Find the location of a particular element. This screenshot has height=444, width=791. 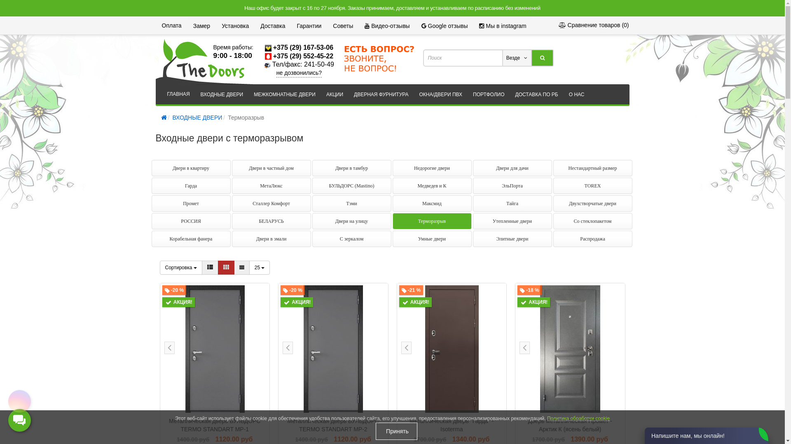

'+375 (29) 167-53-06' is located at coordinates (302, 47).